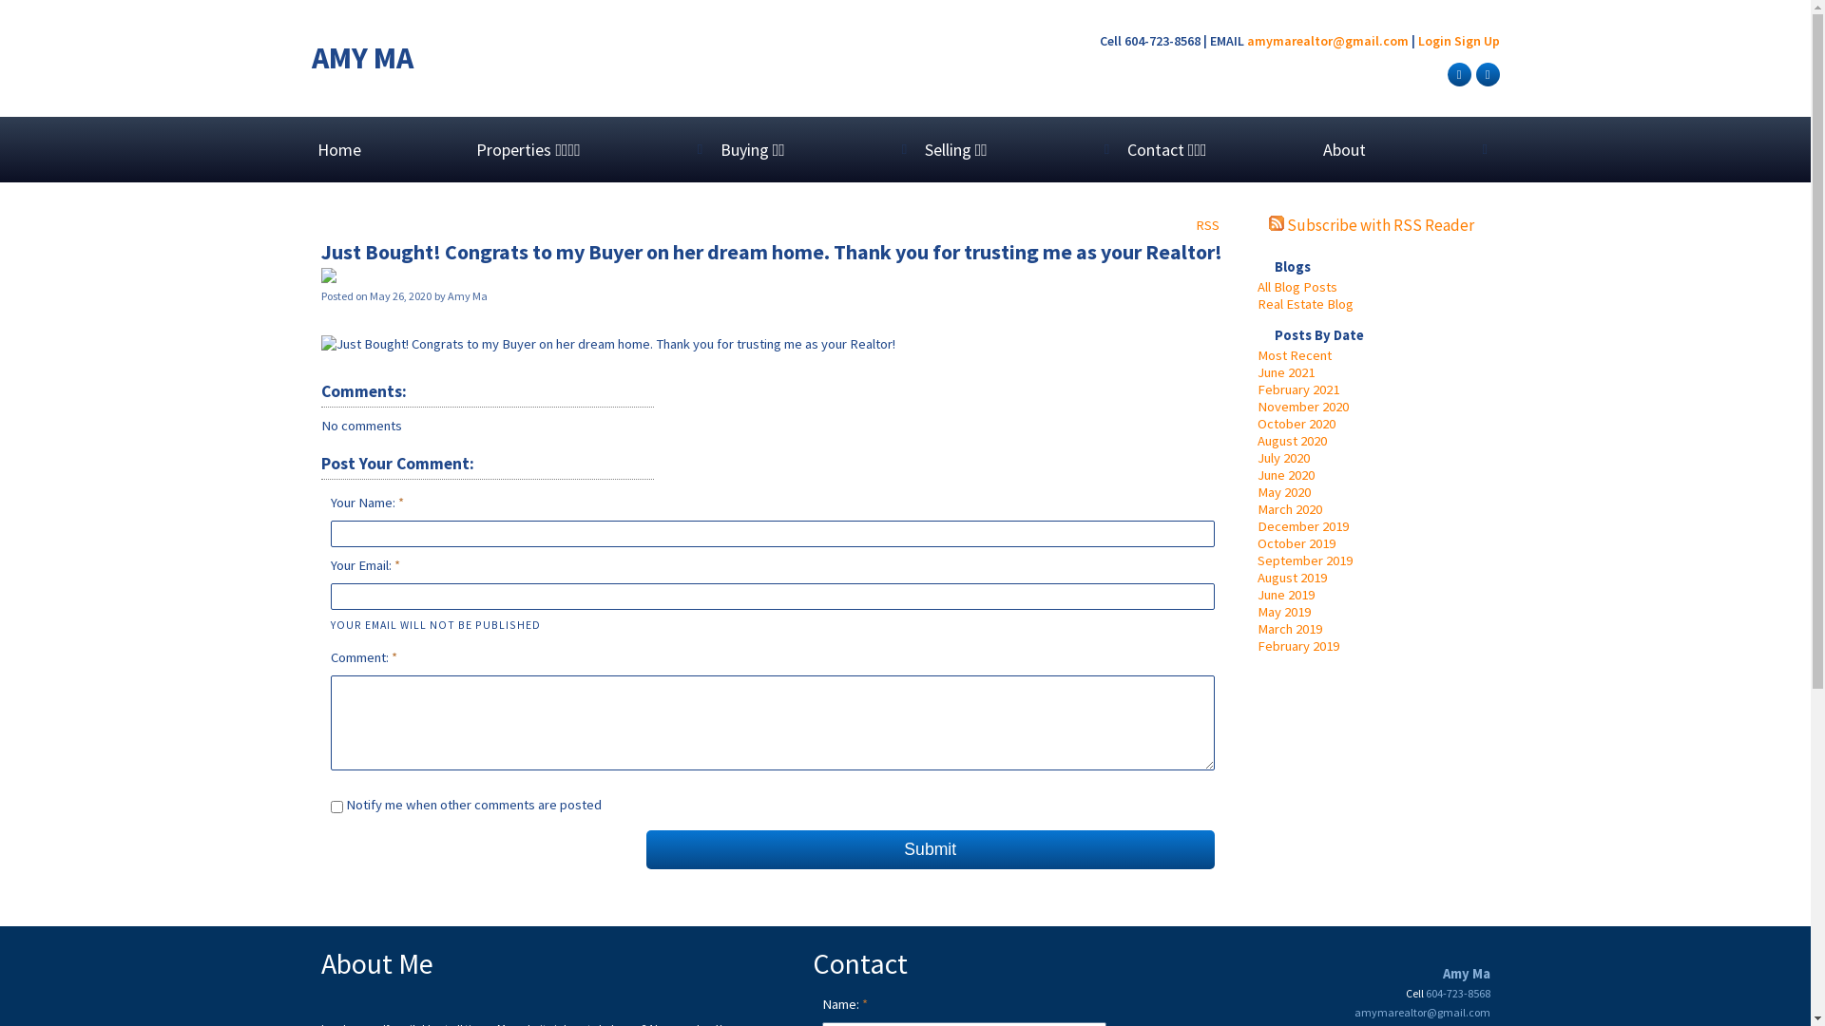 Image resolution: width=1825 pixels, height=1026 pixels. Describe the element at coordinates (1285, 474) in the screenshot. I see `'June 2020'` at that location.